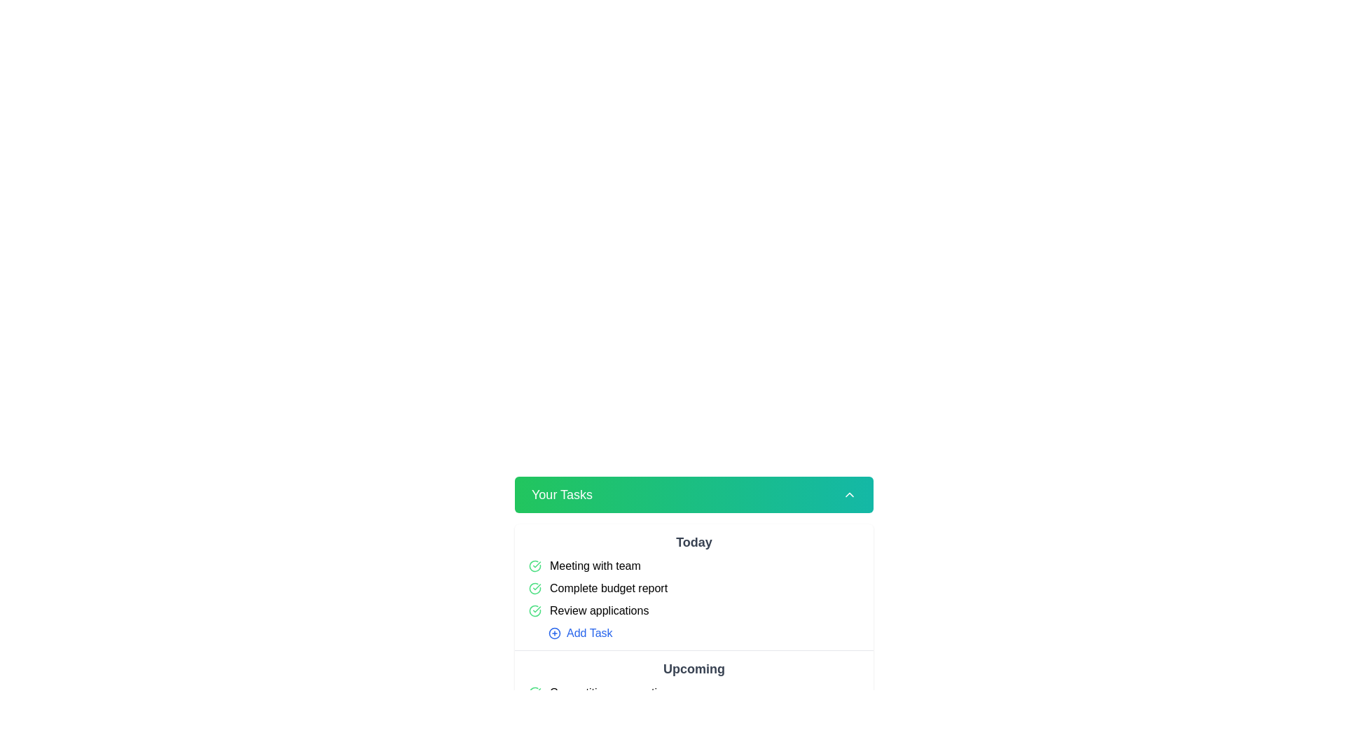 This screenshot has width=1345, height=756. Describe the element at coordinates (589, 633) in the screenshot. I see `the 'Add Task' text label displayed in blue font` at that location.